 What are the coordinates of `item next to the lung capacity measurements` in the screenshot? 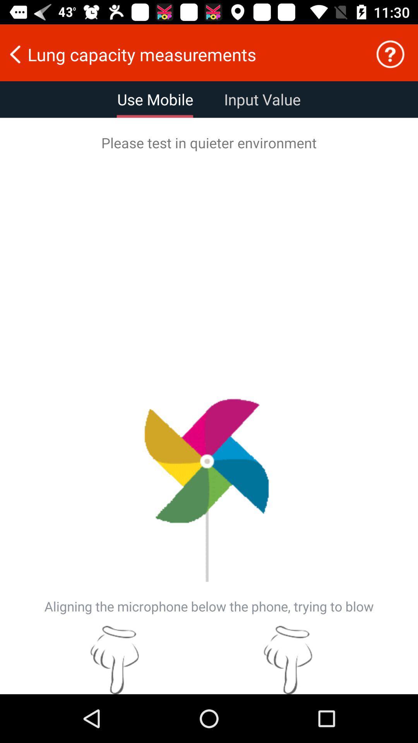 It's located at (390, 54).